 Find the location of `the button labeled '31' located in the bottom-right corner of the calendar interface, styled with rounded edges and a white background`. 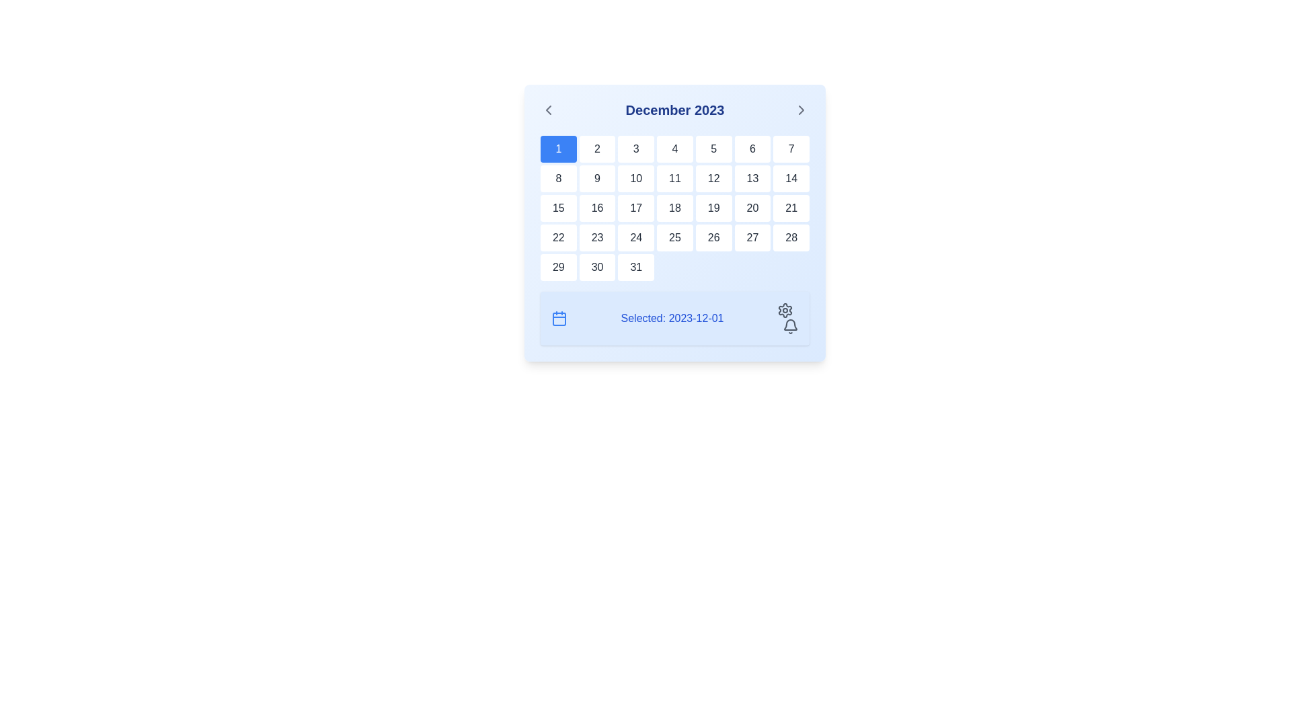

the button labeled '31' located in the bottom-right corner of the calendar interface, styled with rounded edges and a white background is located at coordinates (635, 267).